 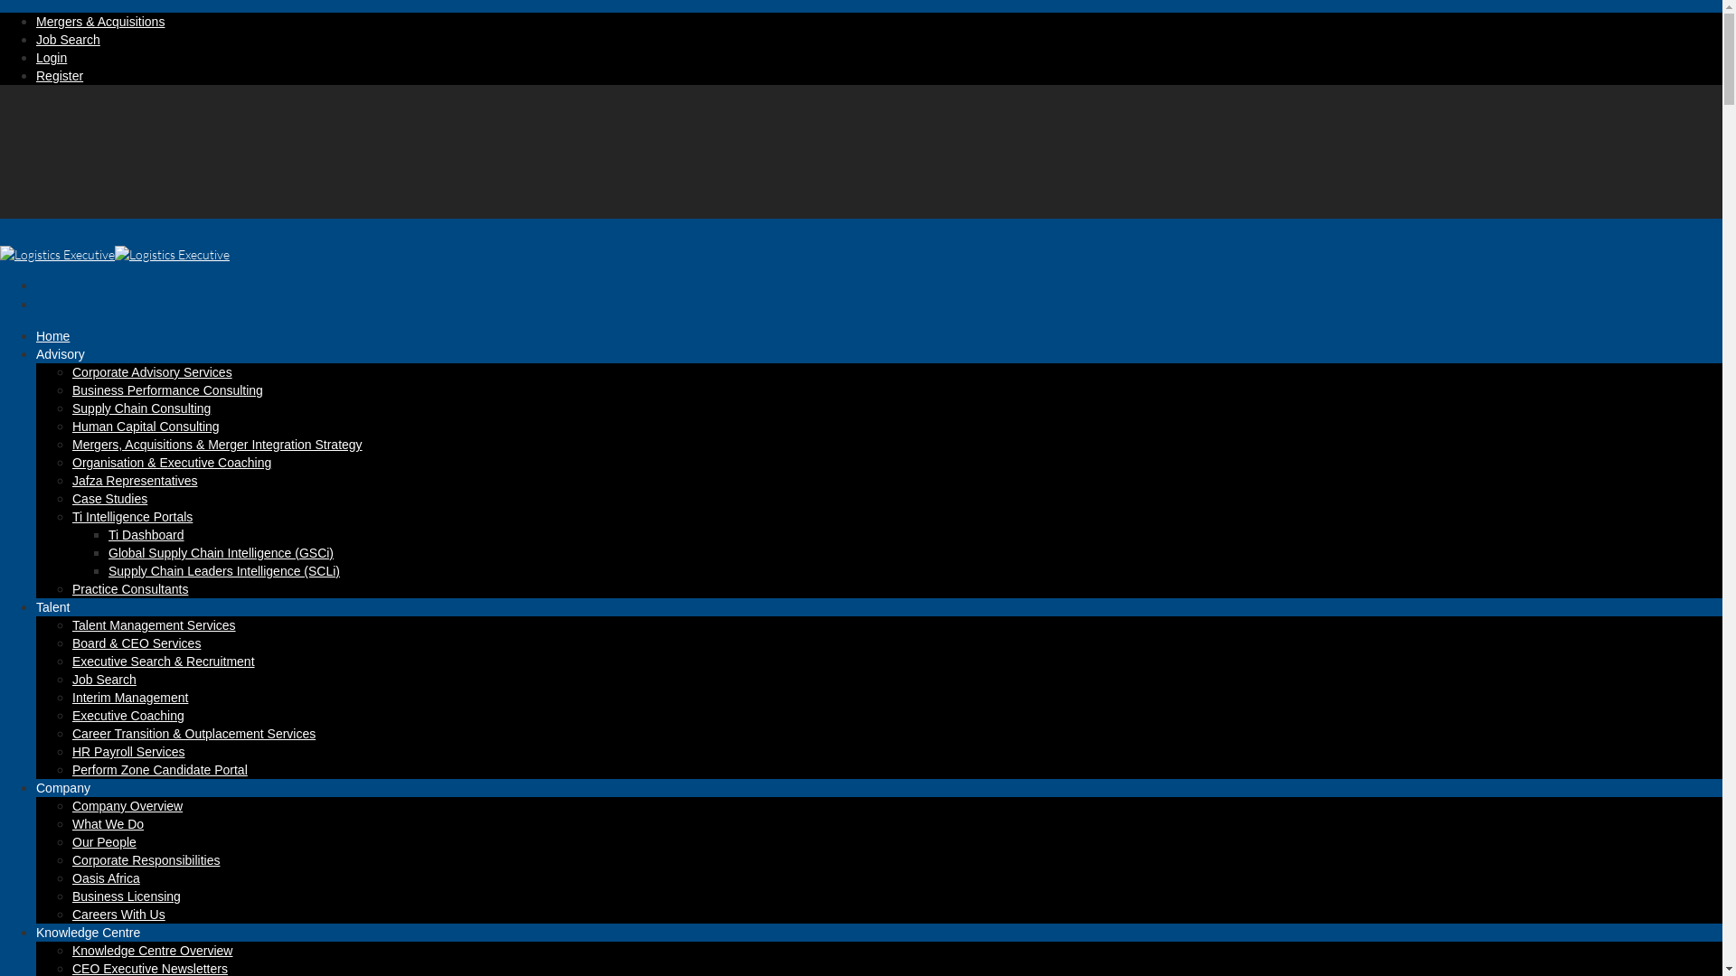 What do you see at coordinates (35, 57) in the screenshot?
I see `'Login'` at bounding box center [35, 57].